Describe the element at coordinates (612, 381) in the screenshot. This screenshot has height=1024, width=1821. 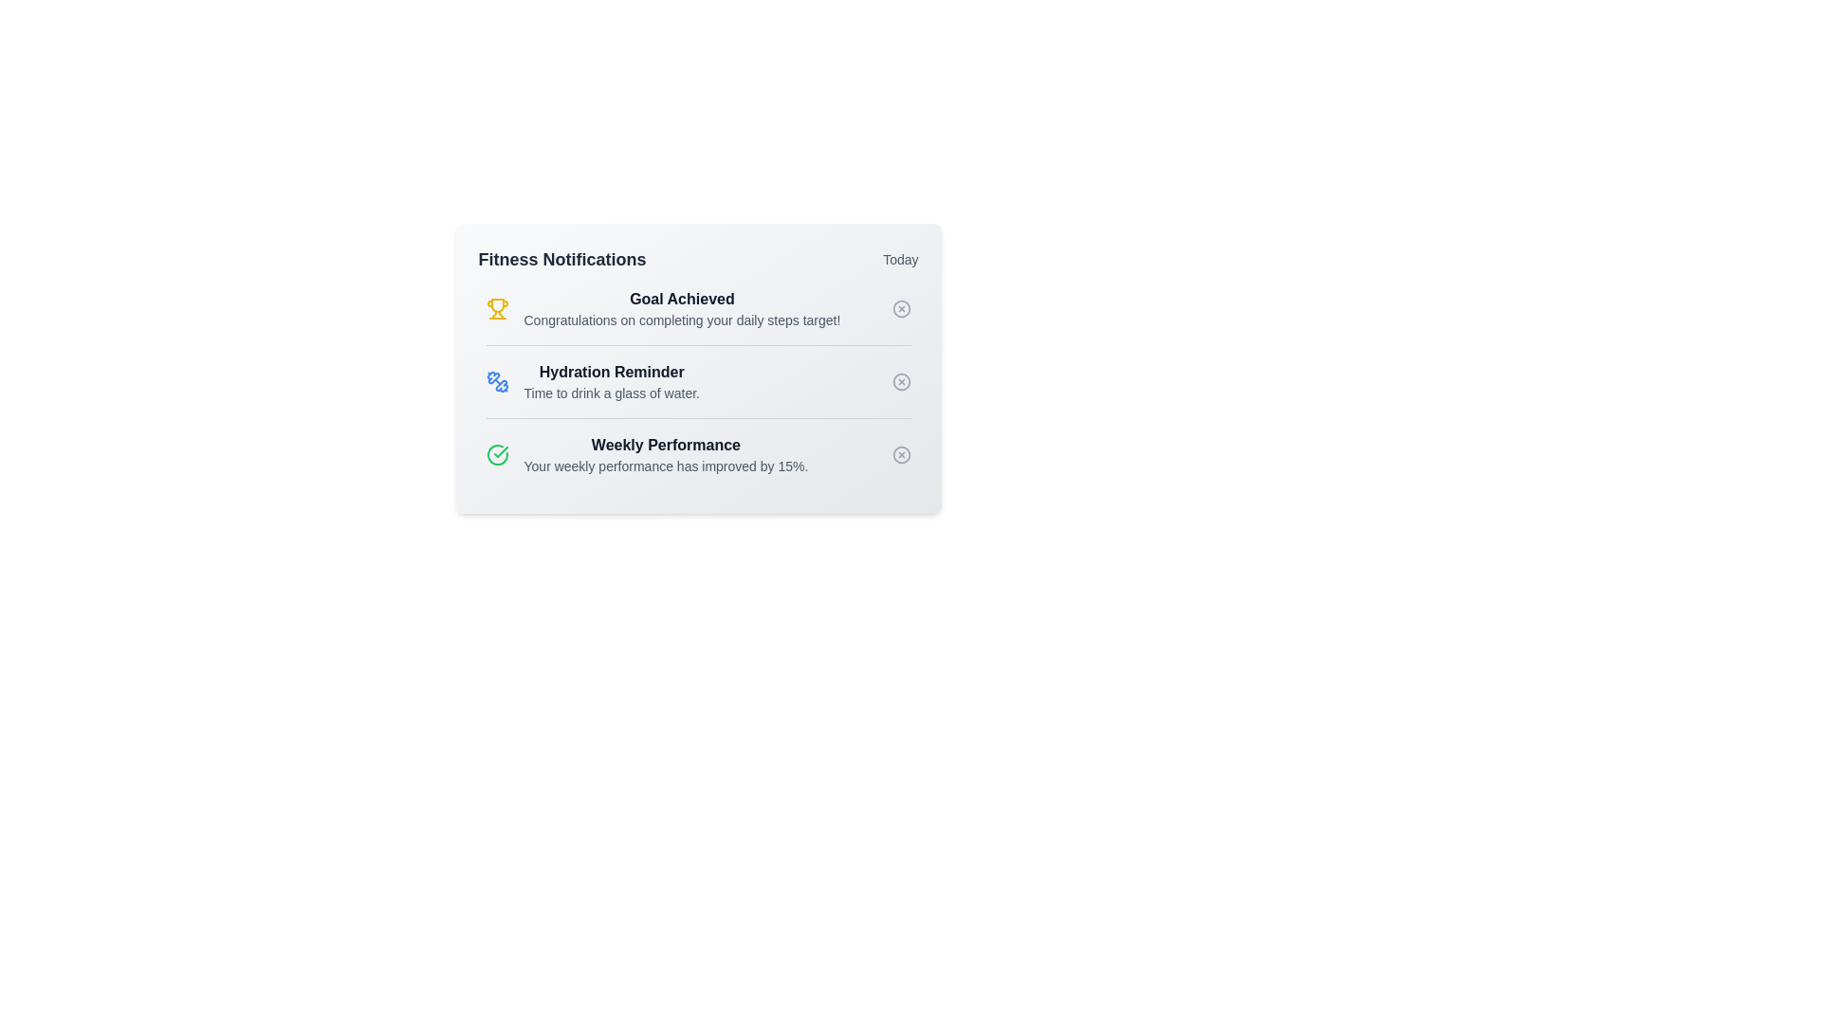
I see `text of the notification reminder prompting the user to drink water, which is the second entry under 'Fitness Notifications' in the vertical list of notifications` at that location.